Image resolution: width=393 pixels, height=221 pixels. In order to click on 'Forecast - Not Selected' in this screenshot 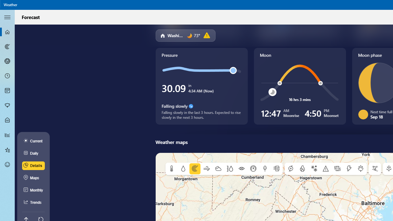, I will do `click(7, 32)`.